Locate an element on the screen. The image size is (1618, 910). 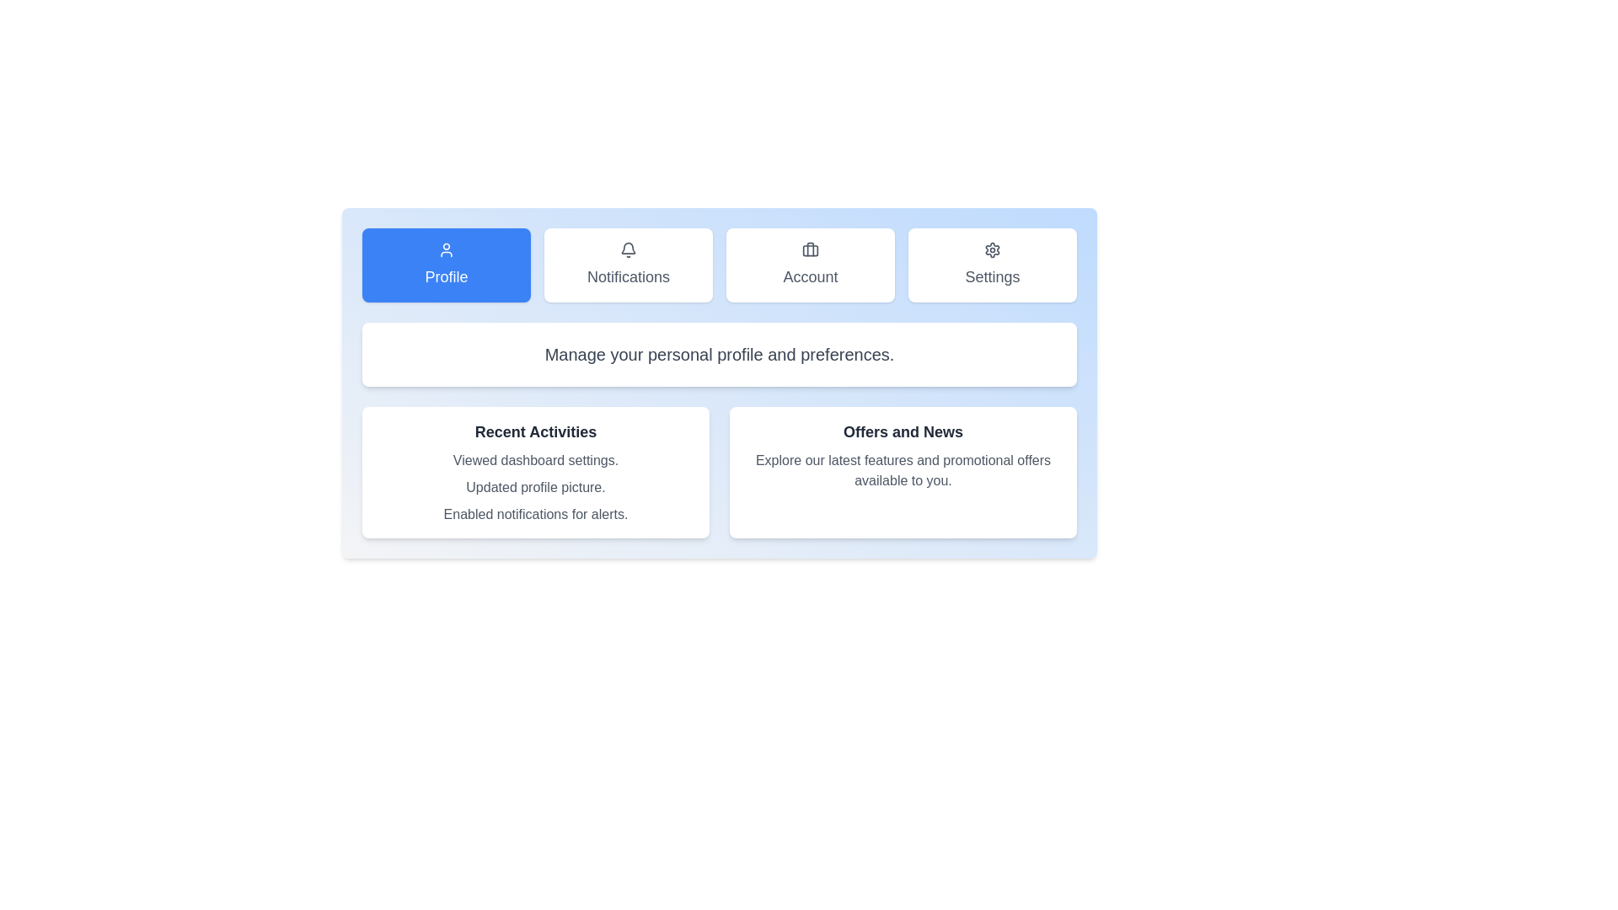
the 'Account' button icon, which is a rectangular icon part of a briefcase illustration, positioned within a circular button labeled 'Account' in the navigation bar at the top of the content area is located at coordinates (810, 250).